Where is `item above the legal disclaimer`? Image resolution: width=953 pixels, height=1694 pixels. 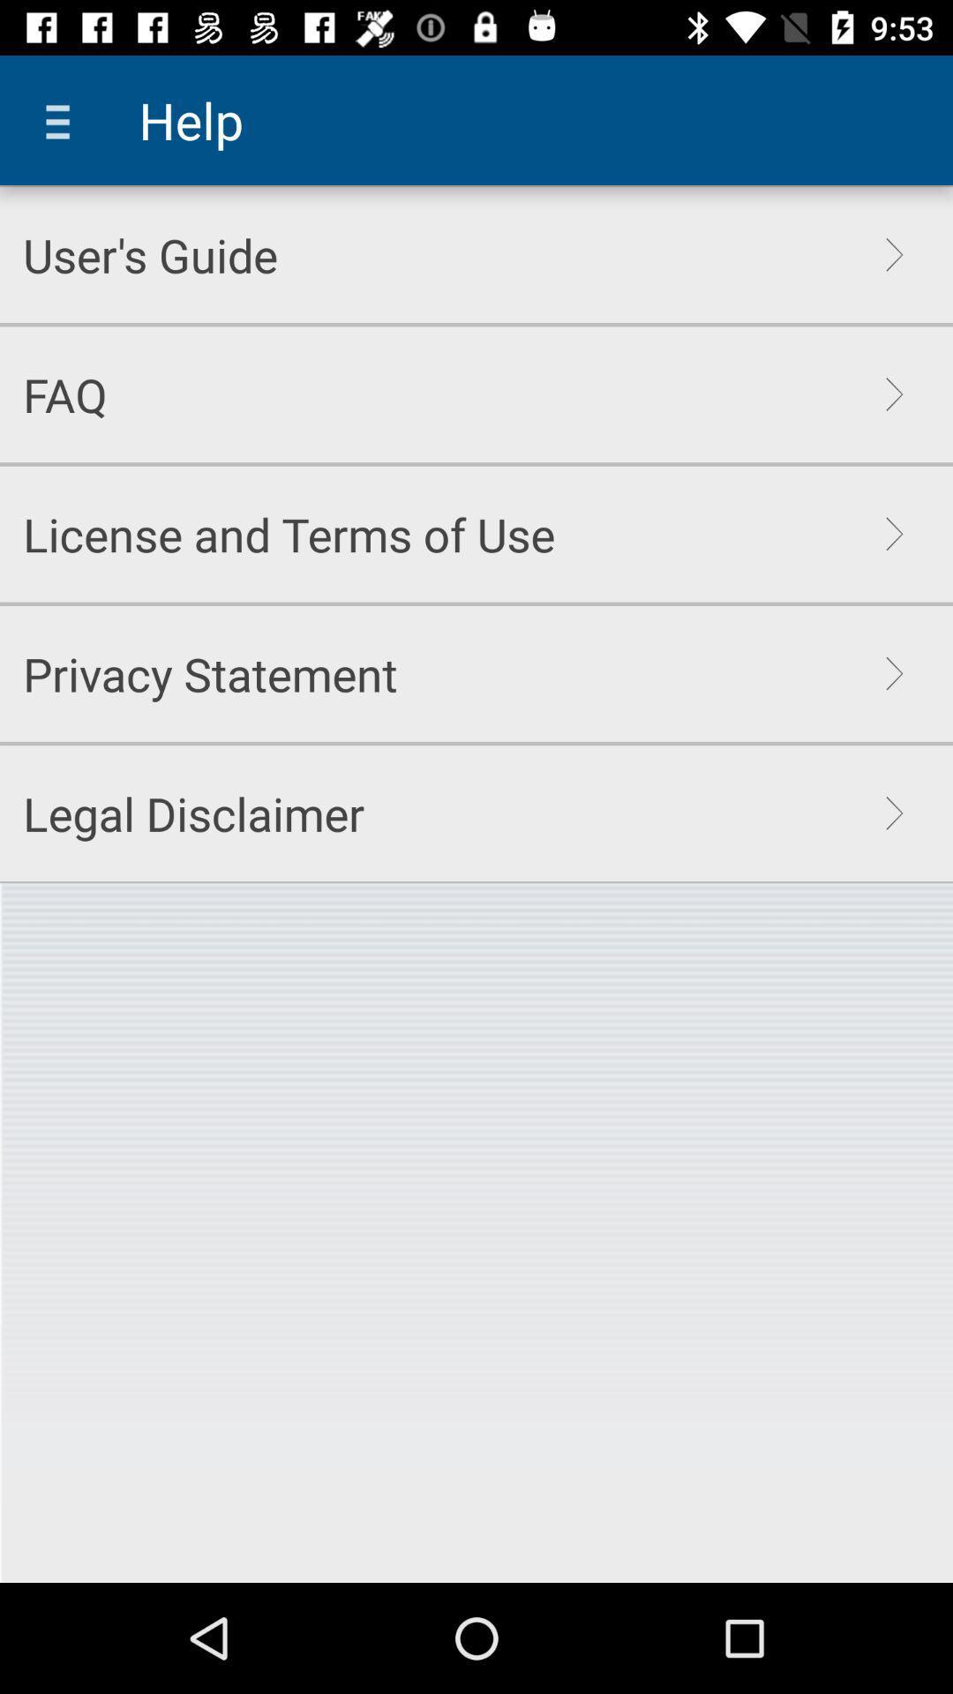
item above the legal disclaimer is located at coordinates (209, 672).